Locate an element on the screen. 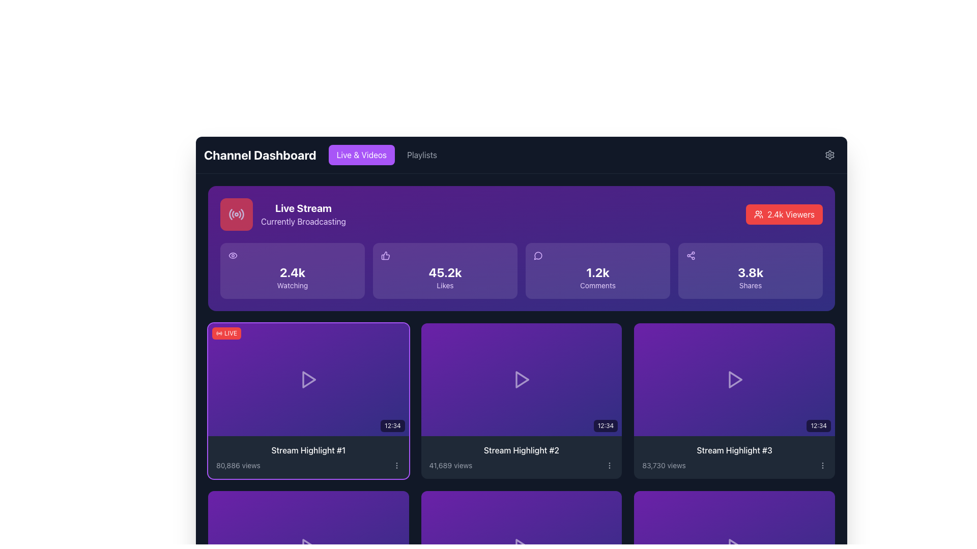  the Text label displaying '1.2k' in bold white font, which is part of a purple rectangle box, located in the top-right section of the interface is located at coordinates (598, 272).